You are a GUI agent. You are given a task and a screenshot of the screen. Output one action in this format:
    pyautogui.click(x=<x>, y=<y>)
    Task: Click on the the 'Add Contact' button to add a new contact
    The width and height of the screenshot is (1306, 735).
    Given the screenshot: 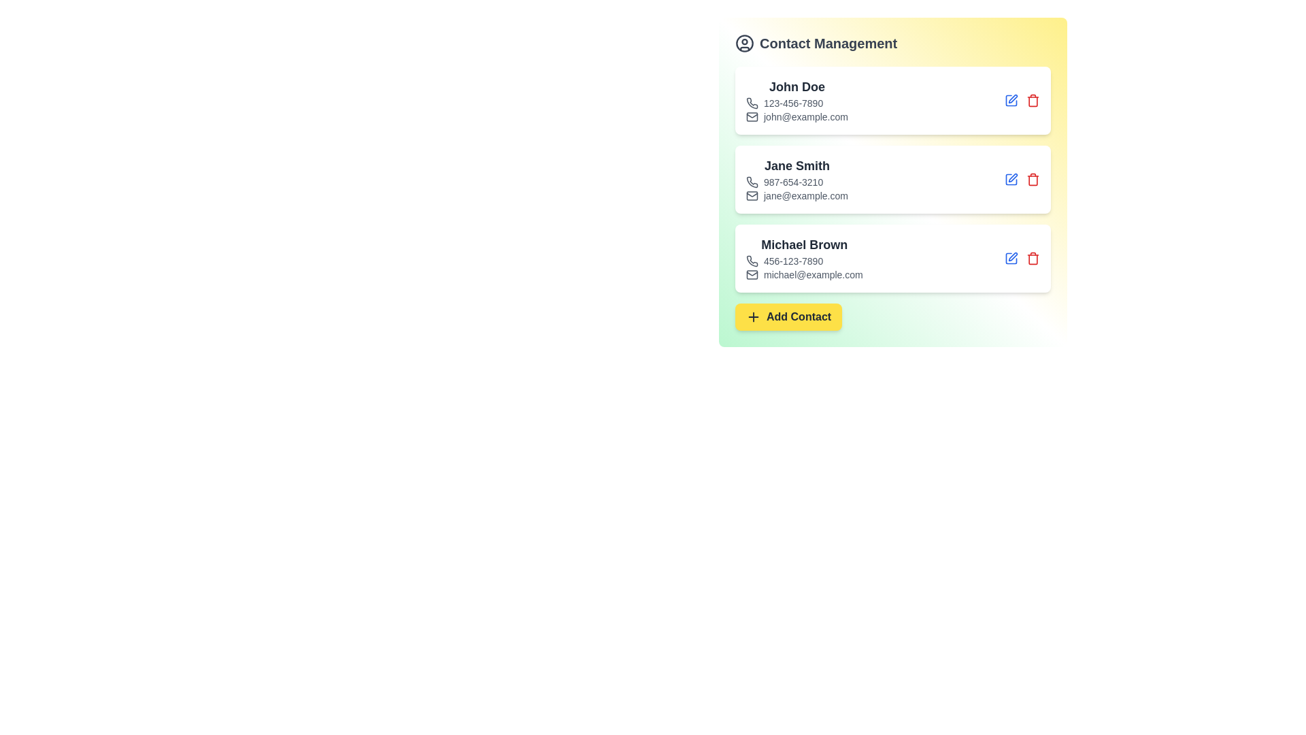 What is the action you would take?
    pyautogui.click(x=788, y=317)
    